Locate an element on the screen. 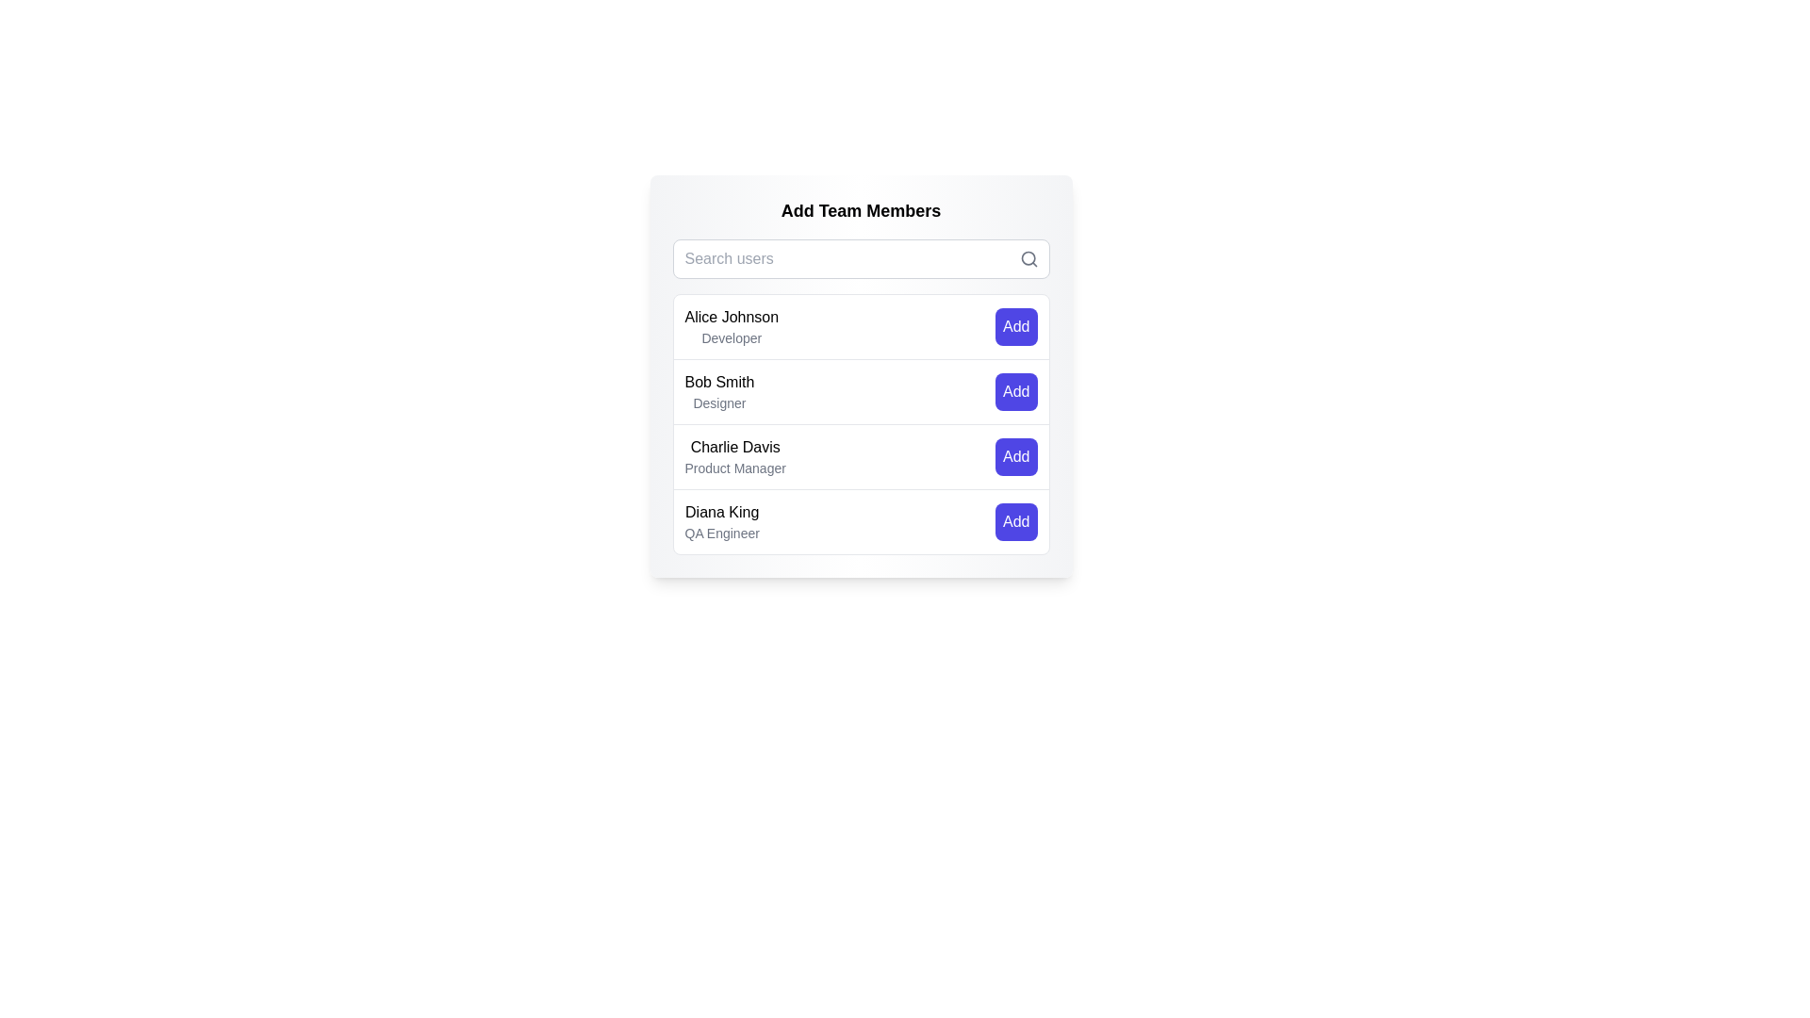  or copy the text 'Bob Smith' and 'Designer' from the second item in the list, which features a blue 'Add' button on the right is located at coordinates (860, 390).